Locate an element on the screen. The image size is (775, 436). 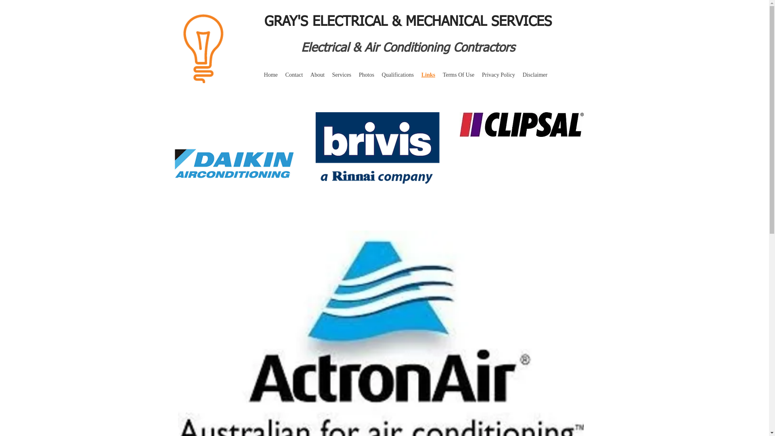
'Disclaimer' is located at coordinates (534, 75).